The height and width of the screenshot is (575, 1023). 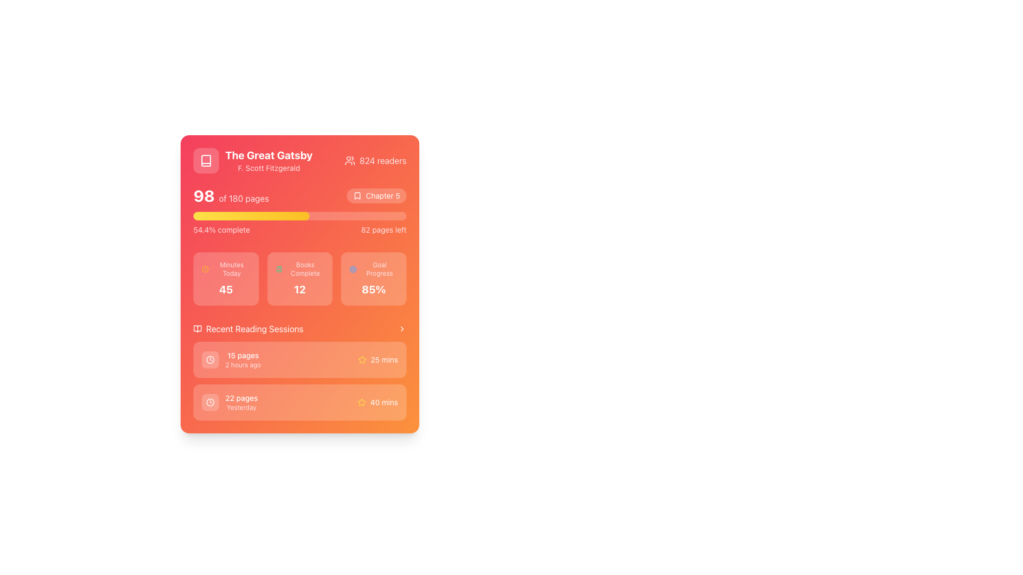 What do you see at coordinates (229, 402) in the screenshot?
I see `displayed information from the Information display that shows '22 pages' and 'Yesterday' in the Recent Reading Sessions list` at bounding box center [229, 402].